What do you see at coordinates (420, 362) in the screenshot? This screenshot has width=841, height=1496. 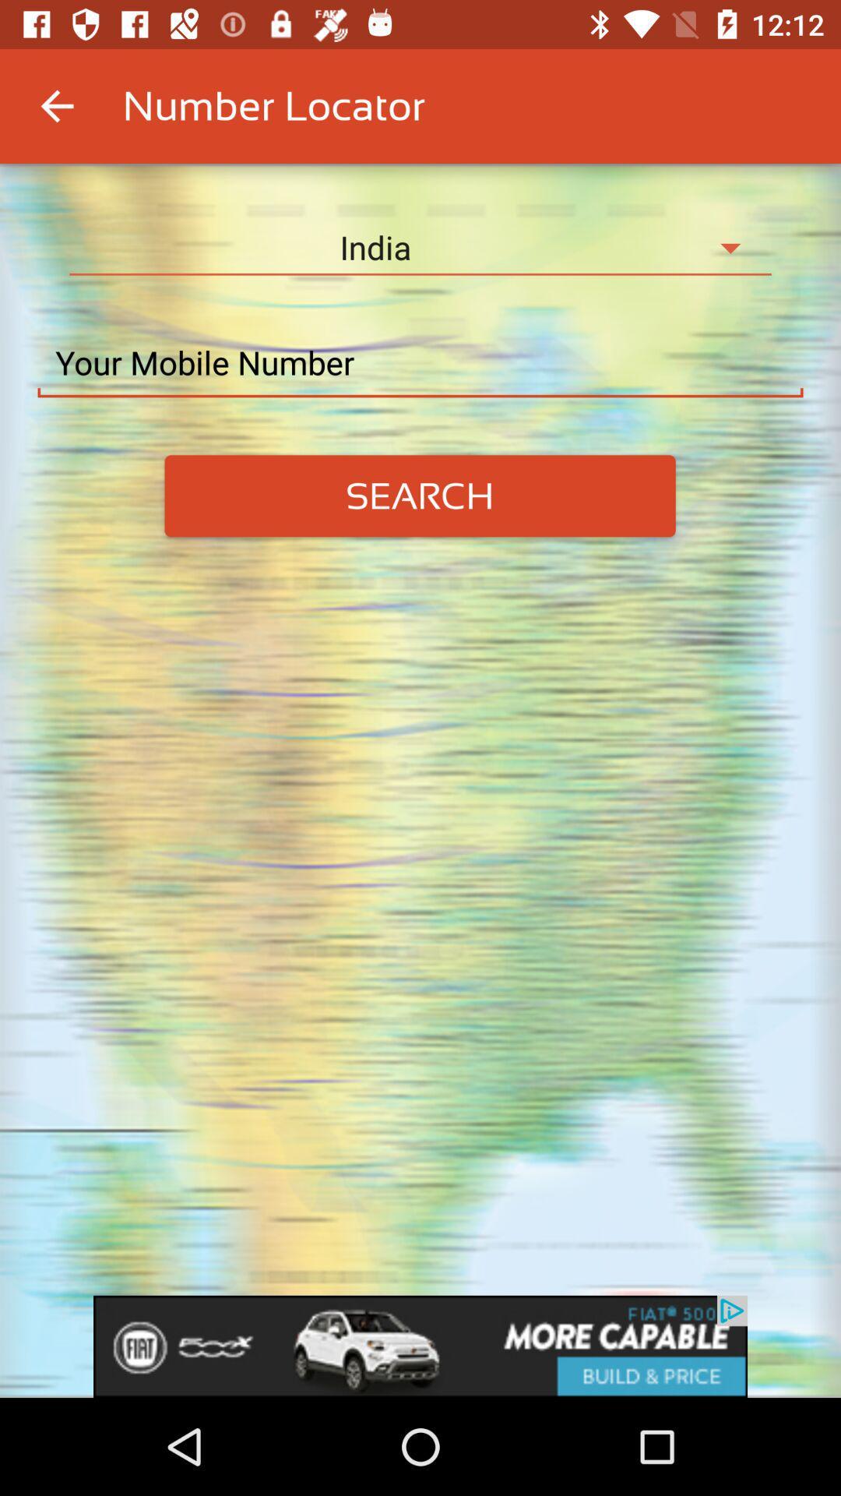 I see `your mobile number` at bounding box center [420, 362].